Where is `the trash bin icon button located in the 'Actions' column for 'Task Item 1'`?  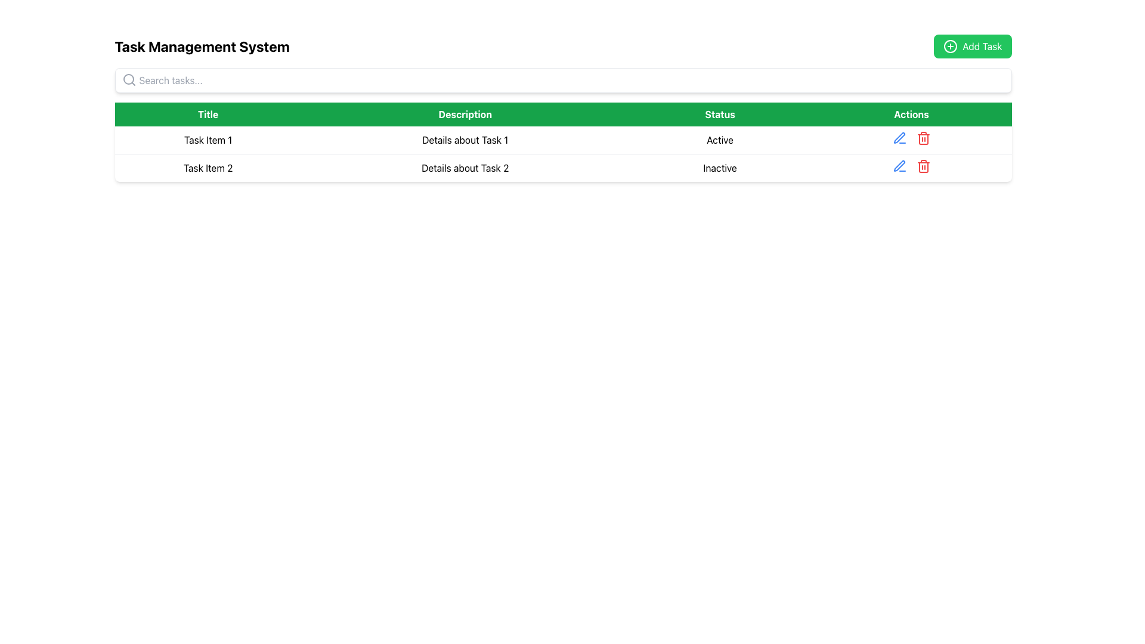
the trash bin icon button located in the 'Actions' column for 'Task Item 1' is located at coordinates (923, 137).